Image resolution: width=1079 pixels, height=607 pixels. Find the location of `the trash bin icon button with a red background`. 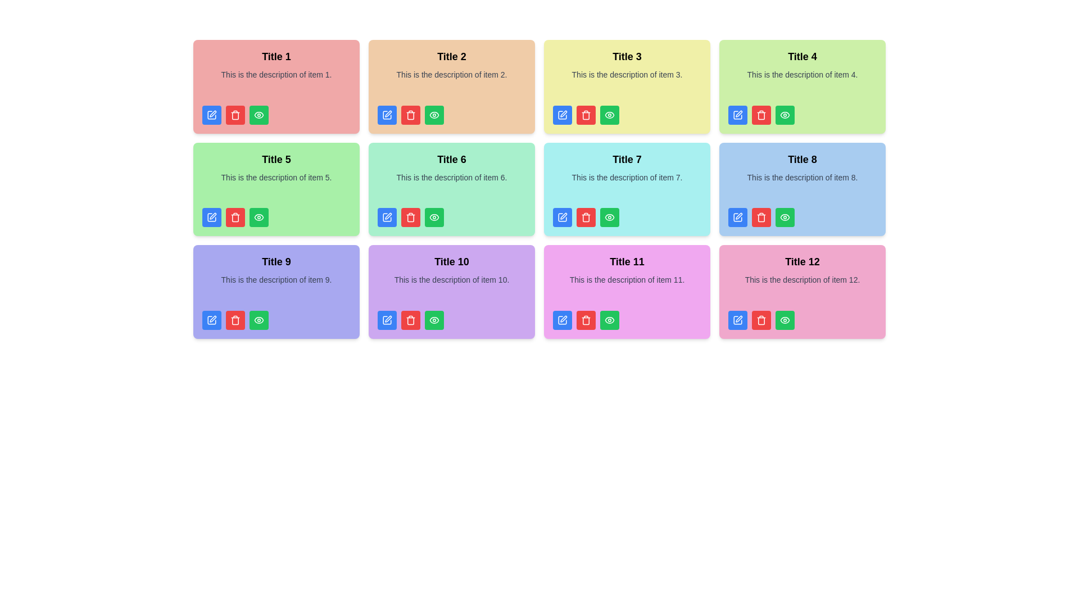

the trash bin icon button with a red background is located at coordinates (761, 320).